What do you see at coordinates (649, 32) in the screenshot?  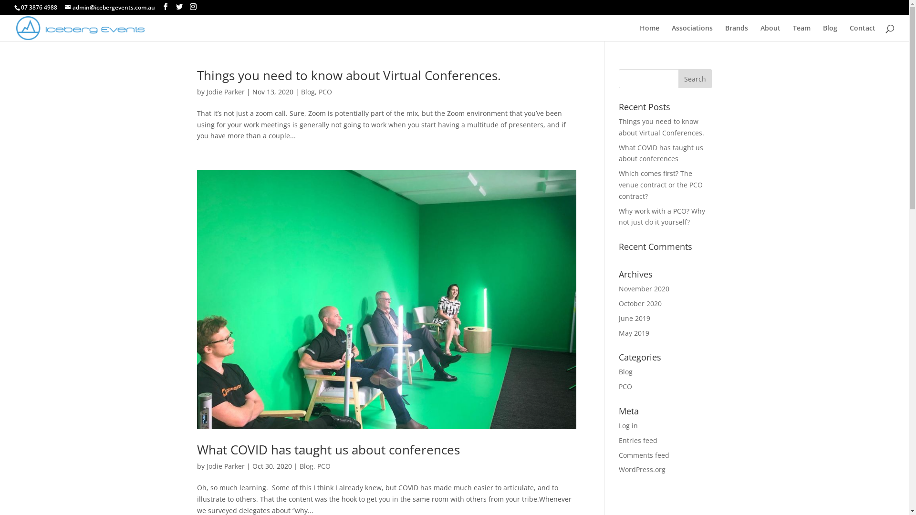 I see `'Home'` at bounding box center [649, 32].